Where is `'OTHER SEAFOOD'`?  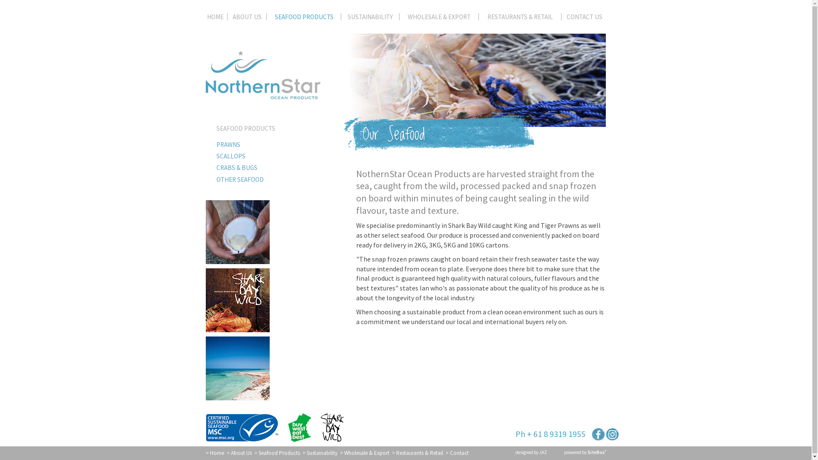
'OTHER SEAFOOD' is located at coordinates (267, 179).